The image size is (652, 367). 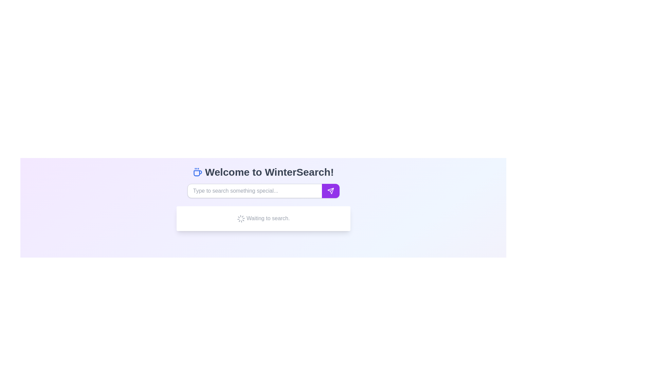 I want to click on the 'send' or 'submit' icon button located within the purple button to the right of the input box in the search bar interface, so click(x=330, y=191).